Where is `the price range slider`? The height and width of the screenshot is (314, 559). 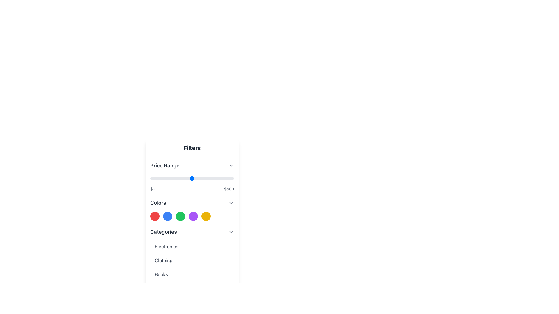 the price range slider is located at coordinates (197, 178).